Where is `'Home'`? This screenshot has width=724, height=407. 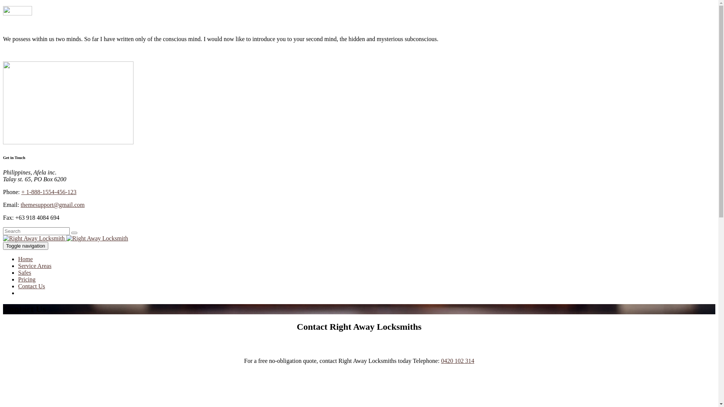 'Home' is located at coordinates (18, 259).